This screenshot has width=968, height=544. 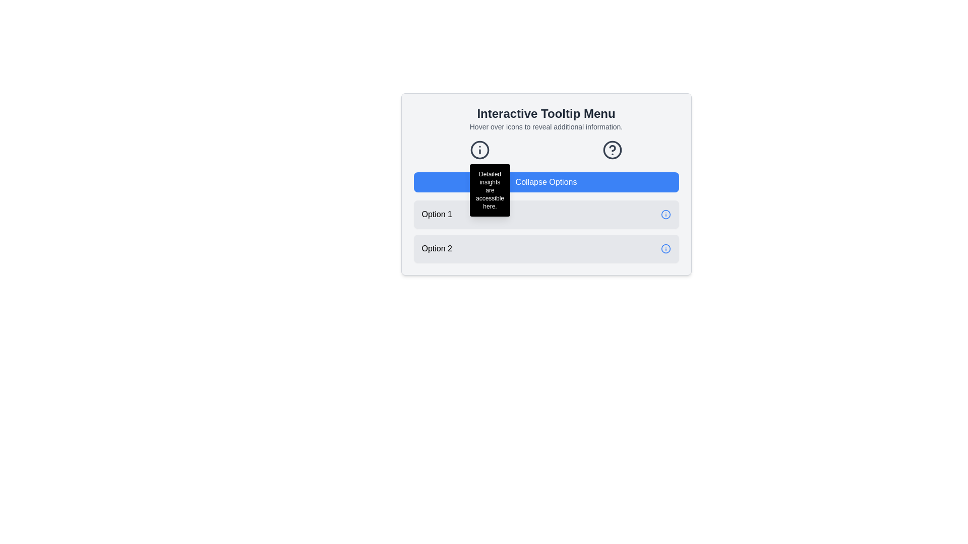 I want to click on the circular information icon ('i'), so click(x=479, y=150).